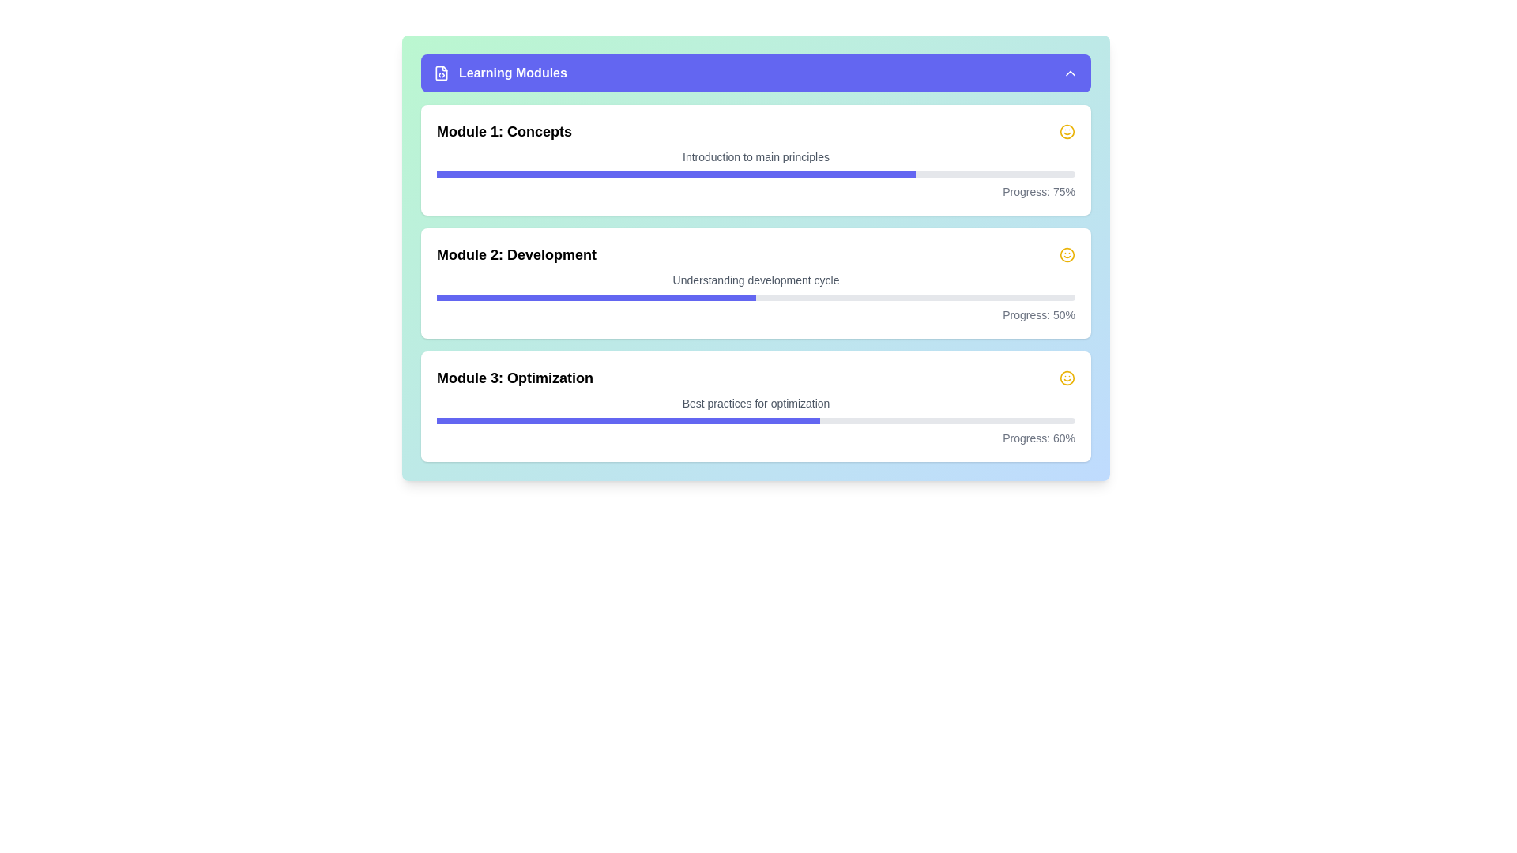 The height and width of the screenshot is (853, 1517). What do you see at coordinates (755, 282) in the screenshot?
I see `progress information from the learning module cards located in the 'Learning Modules' section, which contains a vertically stacked collection of cards with titles, descriptions, progress bars, and percentages` at bounding box center [755, 282].